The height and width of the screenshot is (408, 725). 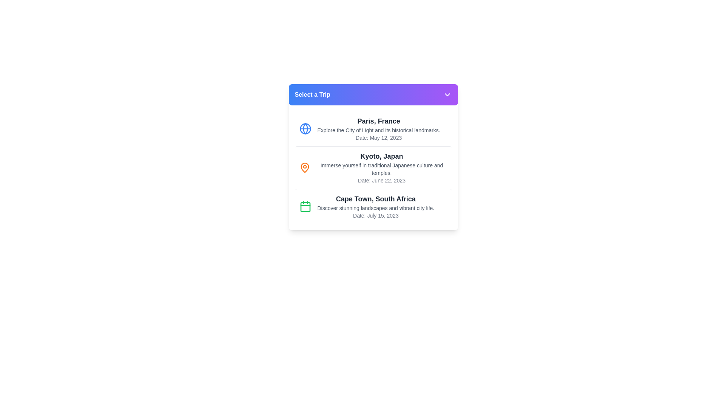 I want to click on the location icon representing 'Kyoto, Japan' in the trip options dropdown, which is positioned to the left of the text description, so click(x=304, y=167).